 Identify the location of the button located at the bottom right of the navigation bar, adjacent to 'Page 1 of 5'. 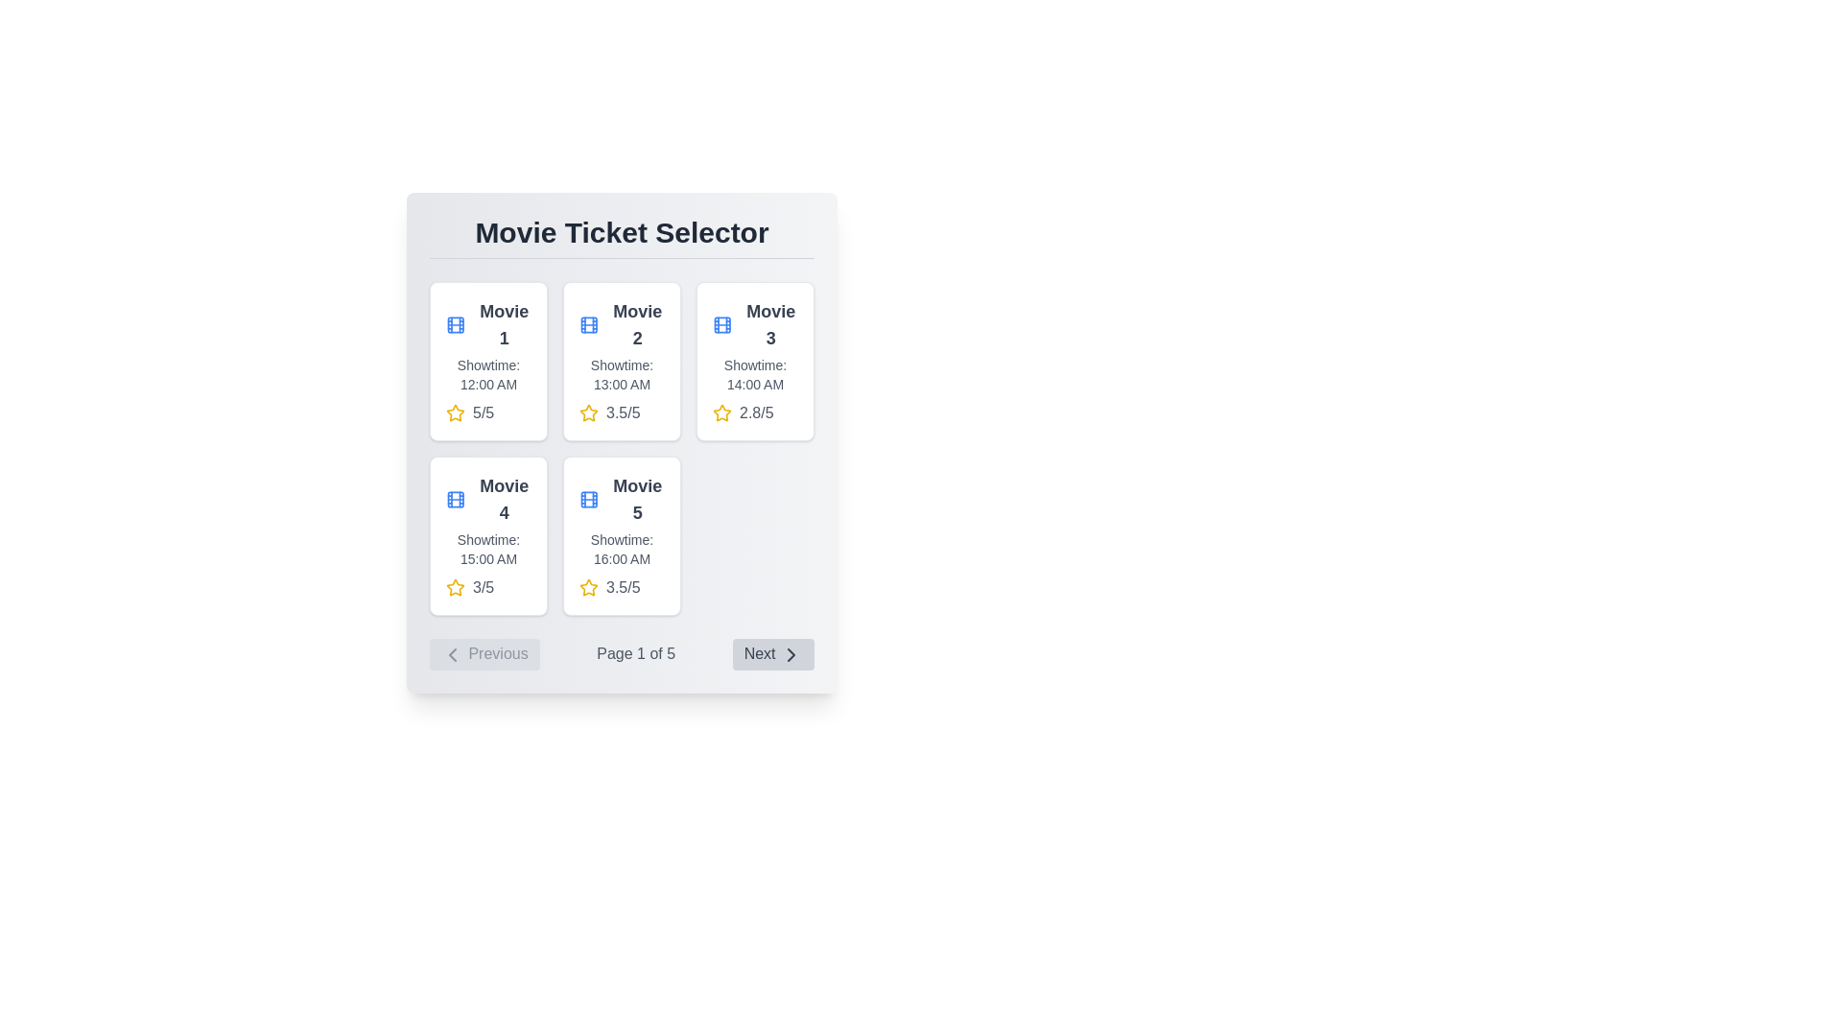
(773, 653).